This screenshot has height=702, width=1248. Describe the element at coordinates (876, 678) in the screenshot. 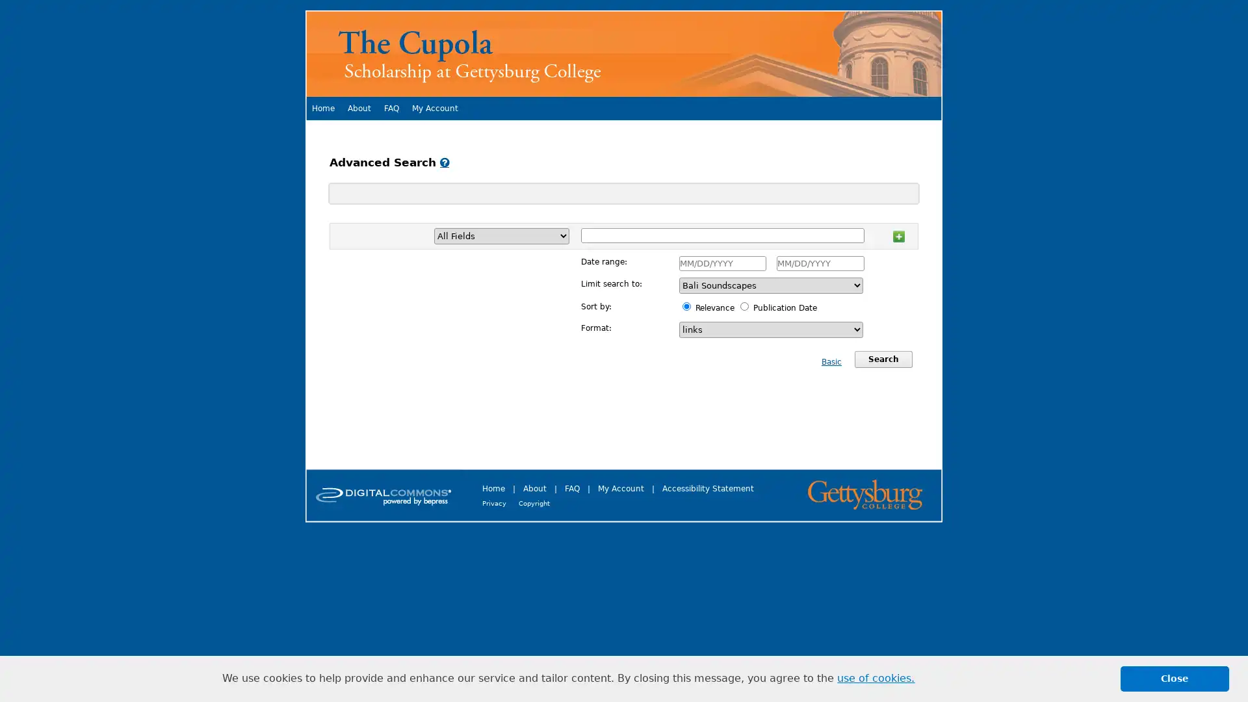

I see `learn more about cookies` at that location.